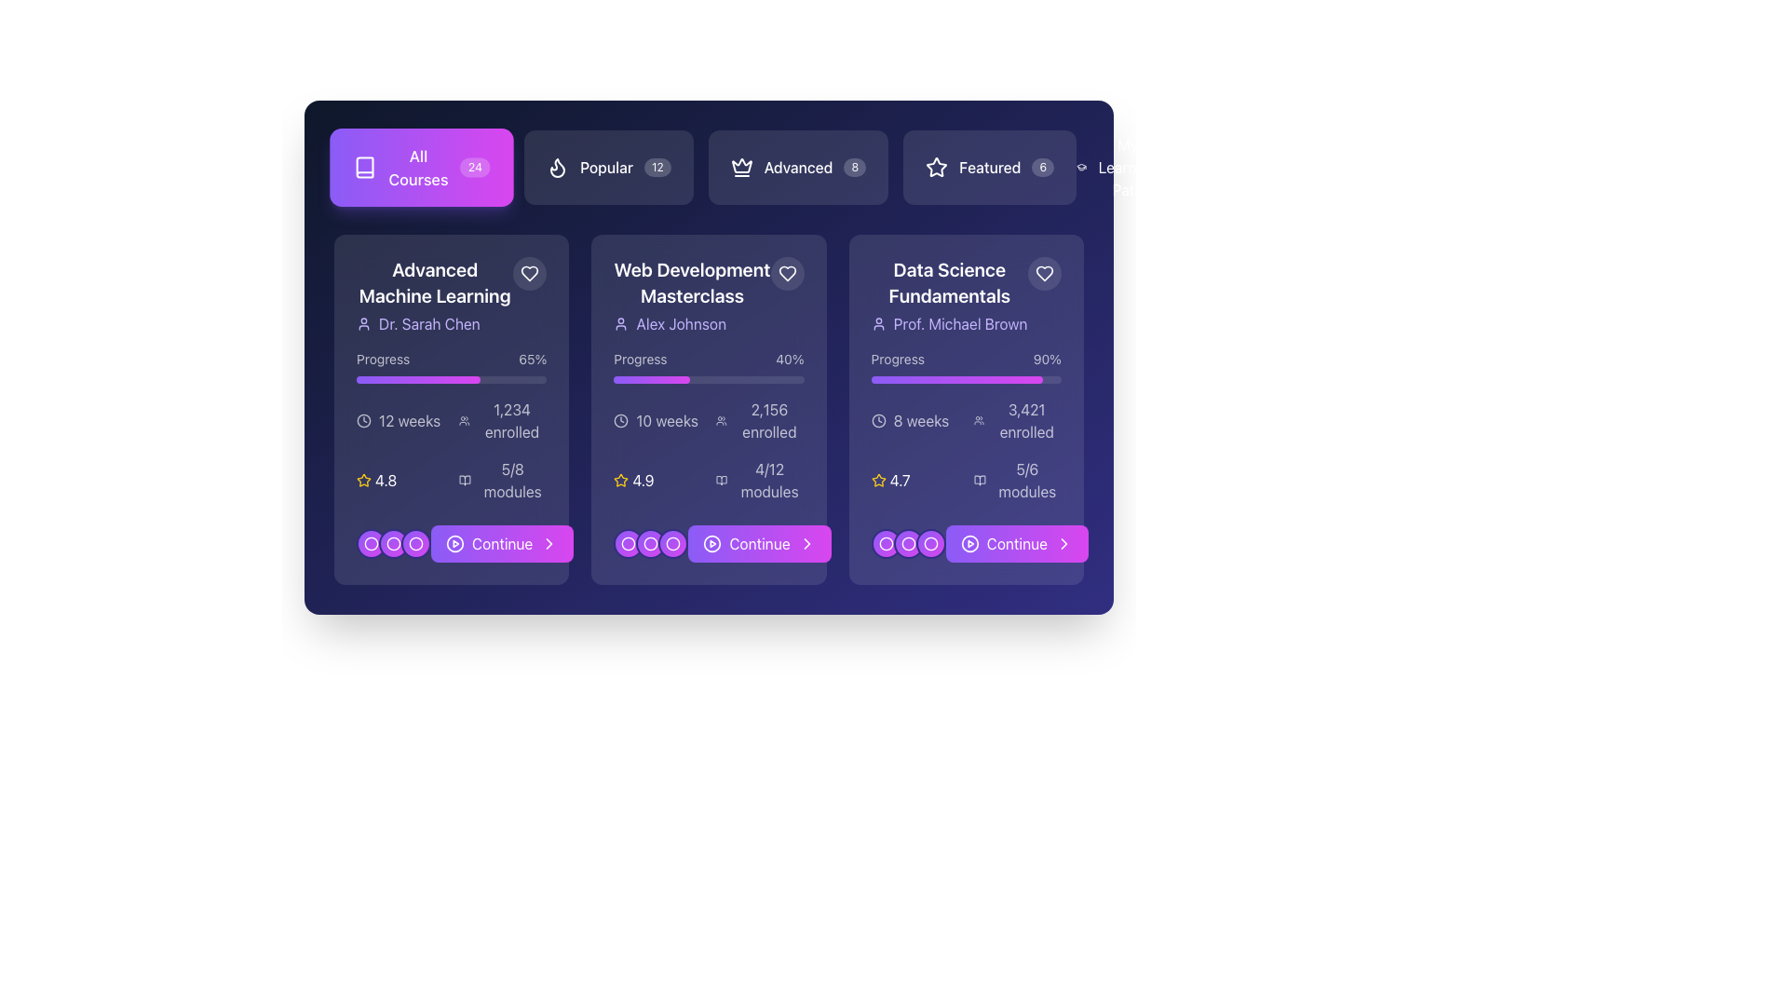 This screenshot has height=1006, width=1788. What do you see at coordinates (512, 420) in the screenshot?
I see `information displayed in the text label that shows '1,234 enrolled' within the 'Advanced Machine Learning' card, located centrally in the second row` at bounding box center [512, 420].